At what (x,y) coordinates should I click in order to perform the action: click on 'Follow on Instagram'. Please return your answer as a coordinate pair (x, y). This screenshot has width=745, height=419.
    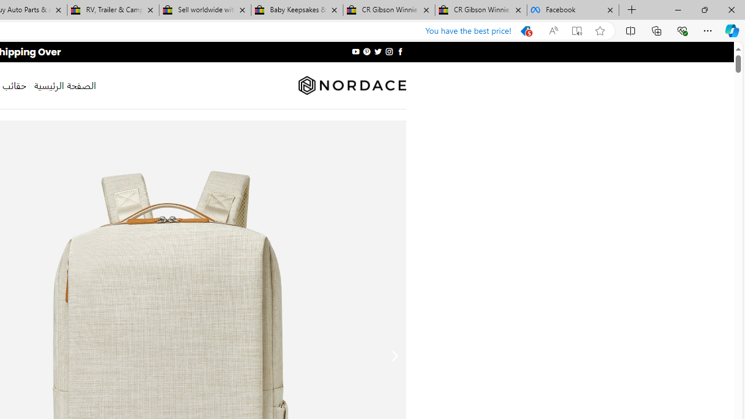
    Looking at the image, I should click on (389, 51).